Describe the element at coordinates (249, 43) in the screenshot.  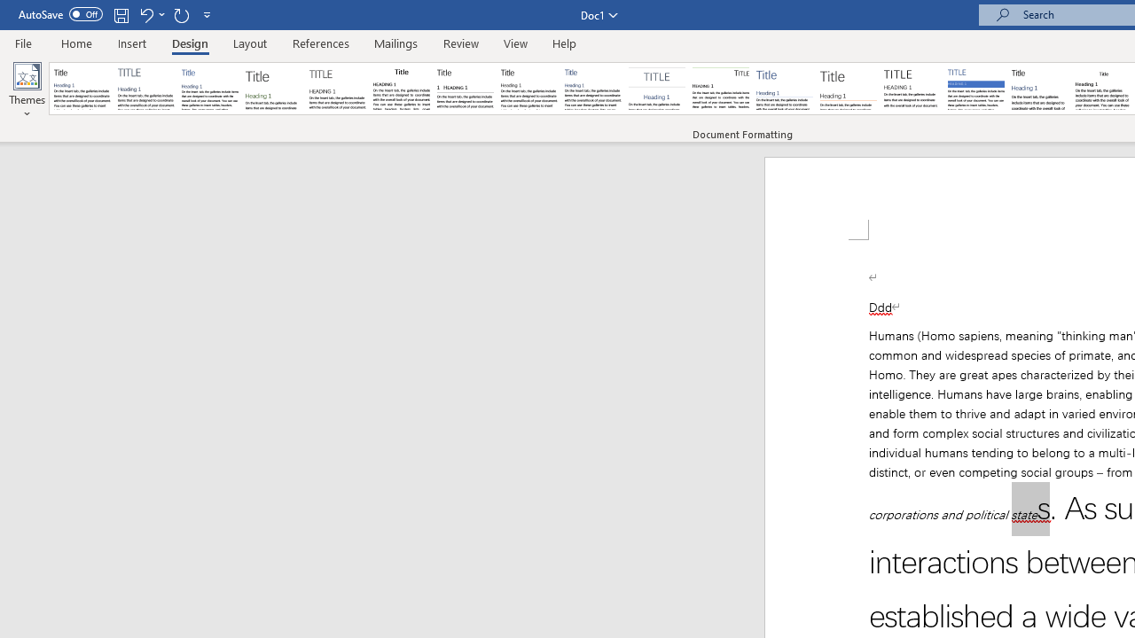
I see `'Layout'` at that location.